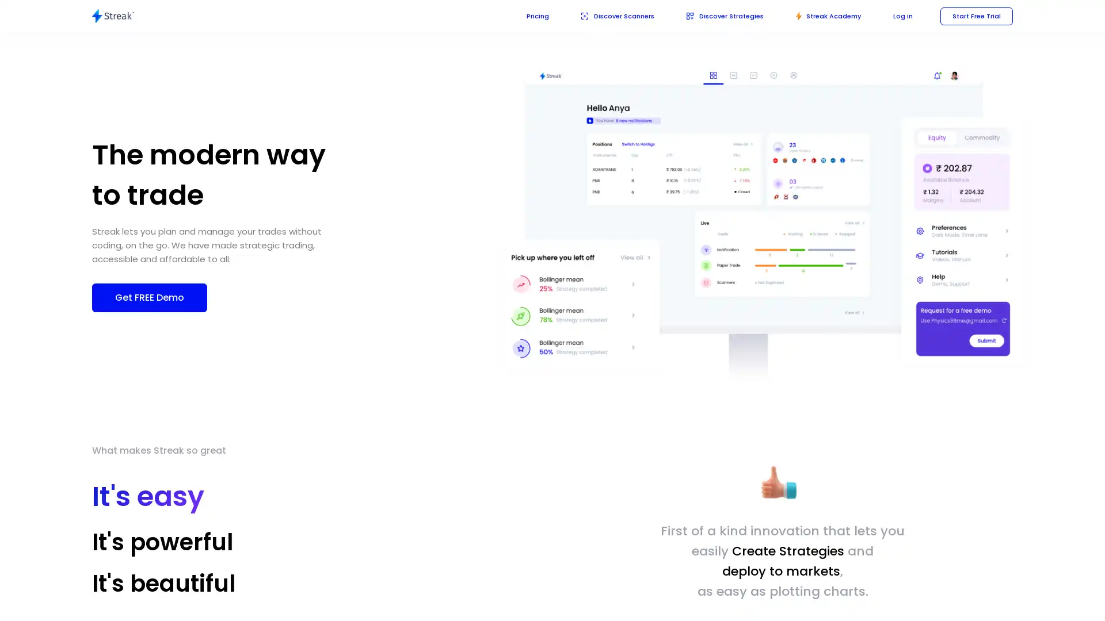 The image size is (1105, 621). What do you see at coordinates (899, 16) in the screenshot?
I see `Log in` at bounding box center [899, 16].